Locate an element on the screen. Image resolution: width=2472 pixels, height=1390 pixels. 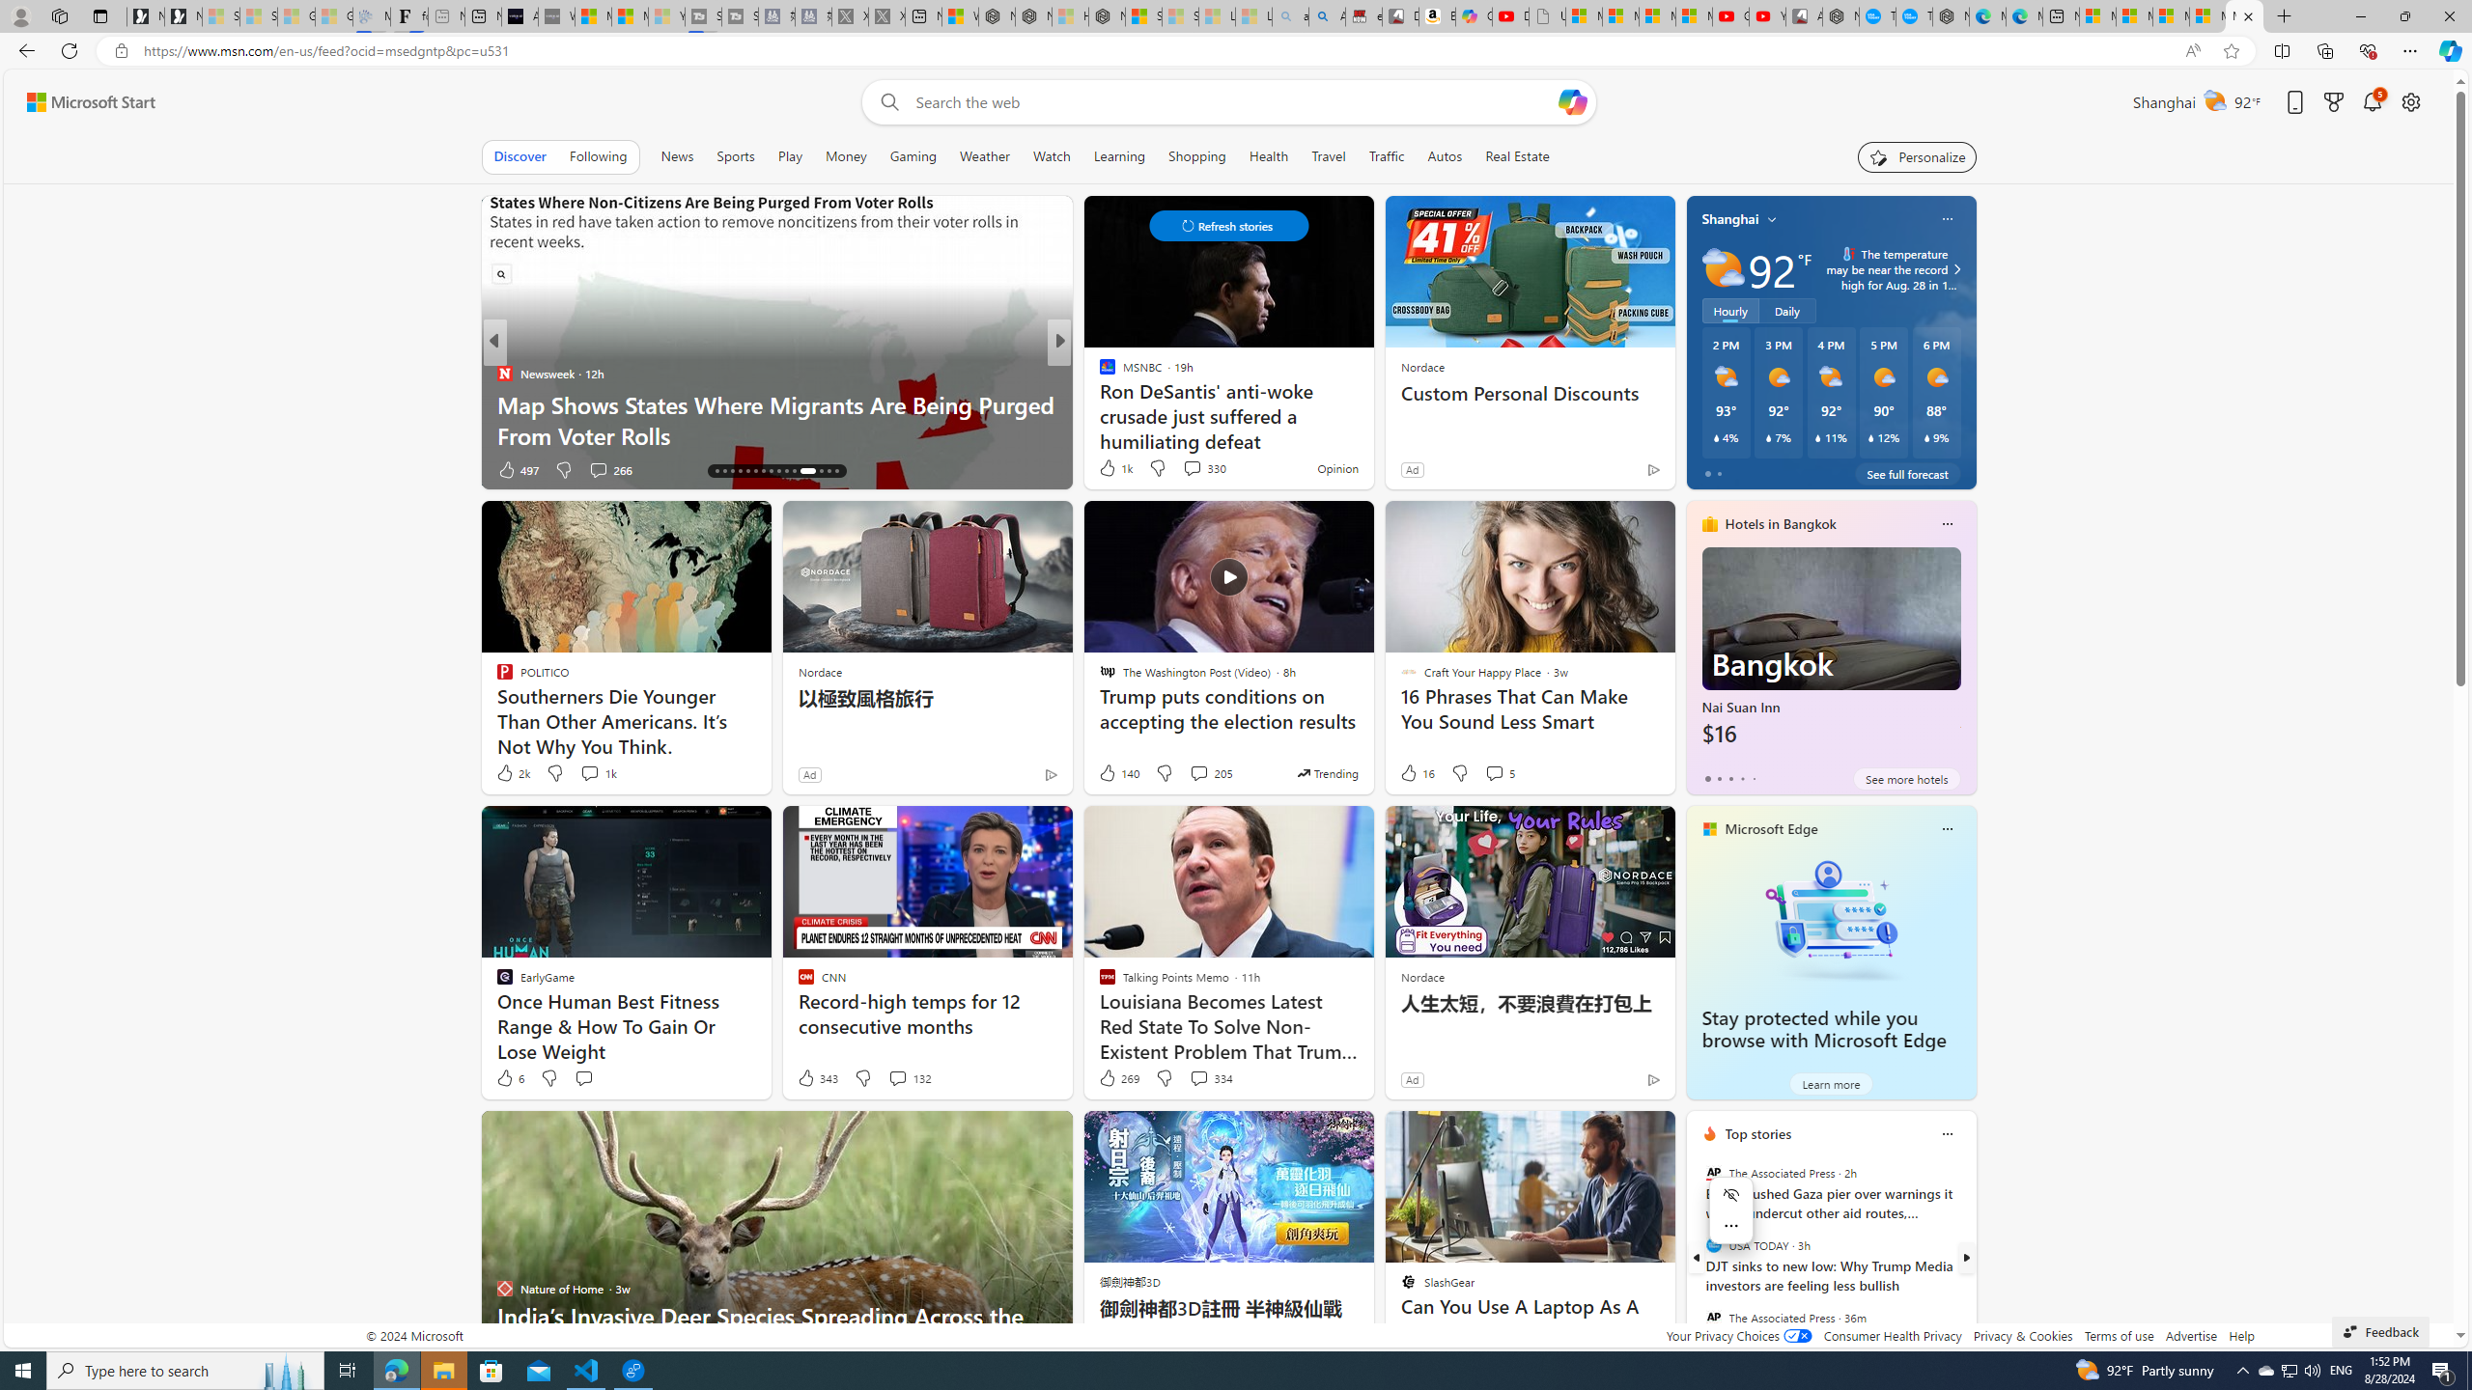
'269 Like' is located at coordinates (1117, 1076).